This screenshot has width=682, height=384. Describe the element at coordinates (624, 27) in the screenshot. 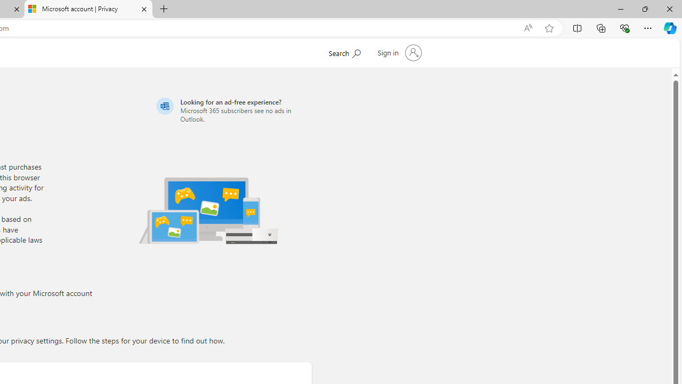

I see `'Browser essentials'` at that location.